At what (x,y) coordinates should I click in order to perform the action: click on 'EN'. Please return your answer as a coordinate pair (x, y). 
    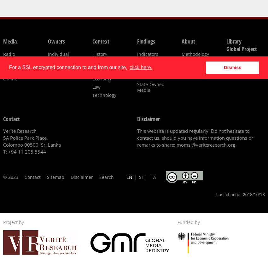
    Looking at the image, I should click on (126, 177).